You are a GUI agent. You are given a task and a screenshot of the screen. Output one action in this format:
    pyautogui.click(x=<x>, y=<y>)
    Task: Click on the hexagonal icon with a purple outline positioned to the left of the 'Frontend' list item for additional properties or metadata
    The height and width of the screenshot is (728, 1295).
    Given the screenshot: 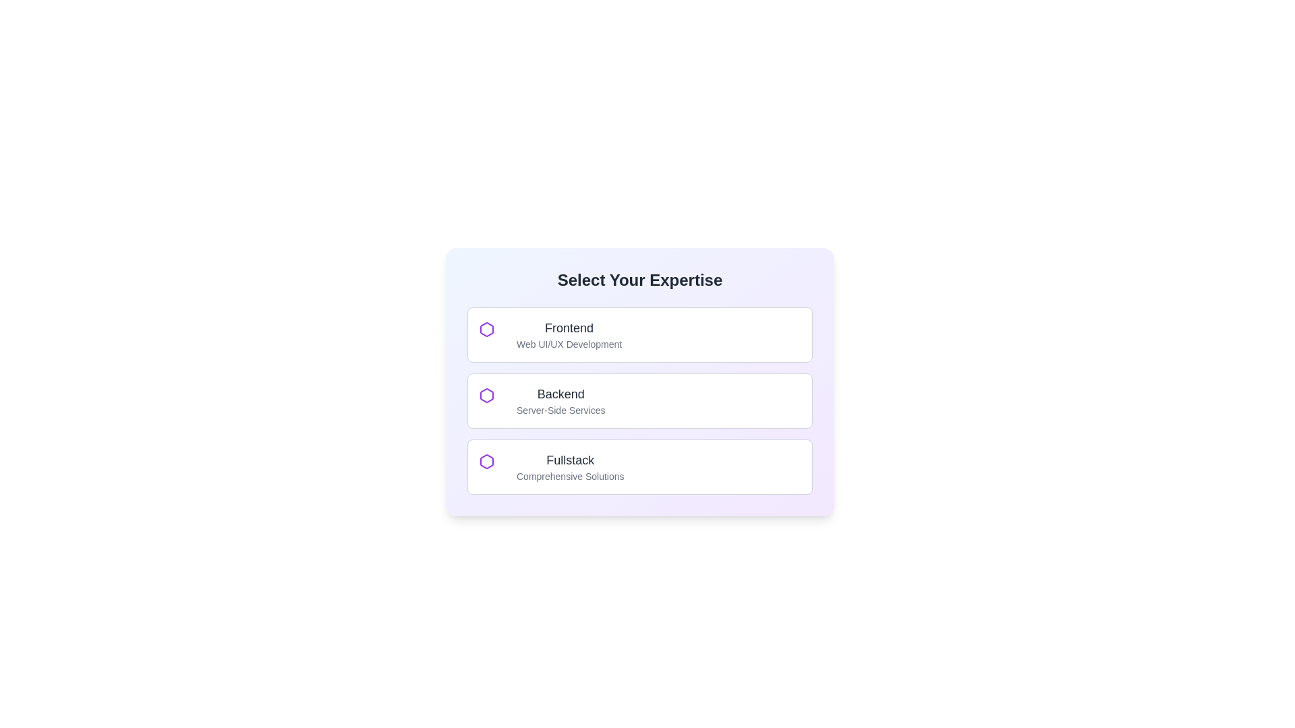 What is the action you would take?
    pyautogui.click(x=486, y=330)
    